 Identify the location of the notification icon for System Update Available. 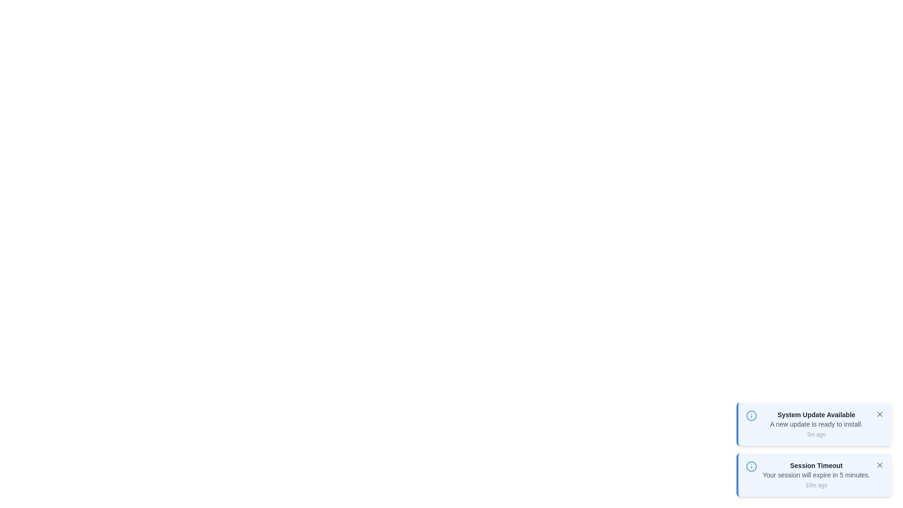
(751, 415).